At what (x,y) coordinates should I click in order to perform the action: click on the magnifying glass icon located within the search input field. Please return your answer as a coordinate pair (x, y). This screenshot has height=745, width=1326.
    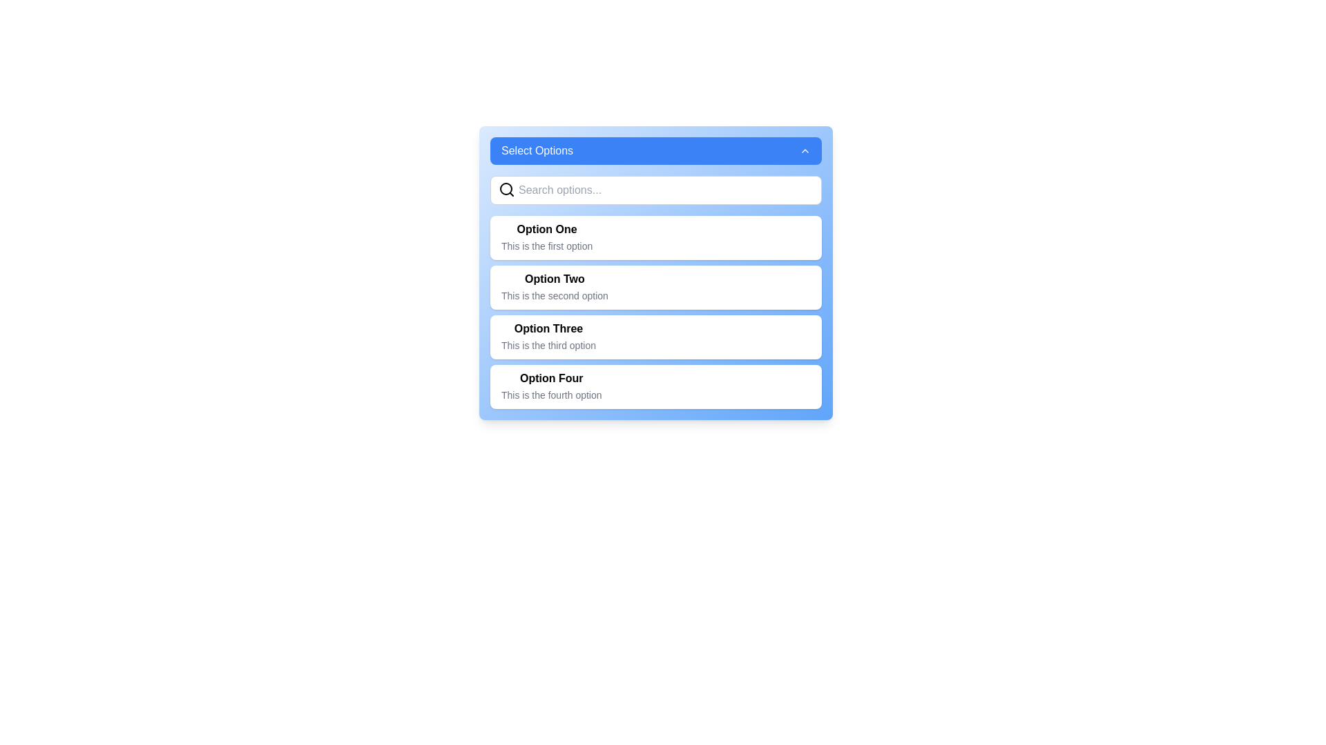
    Looking at the image, I should click on (506, 189).